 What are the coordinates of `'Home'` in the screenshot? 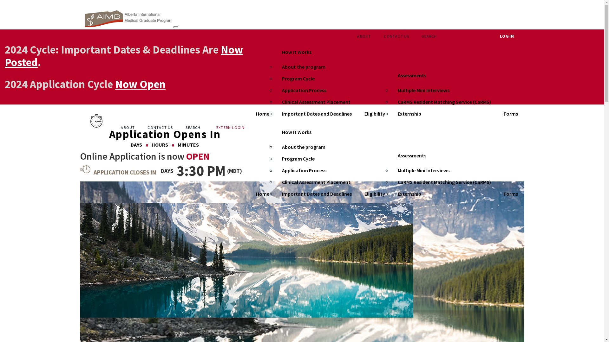 It's located at (262, 113).